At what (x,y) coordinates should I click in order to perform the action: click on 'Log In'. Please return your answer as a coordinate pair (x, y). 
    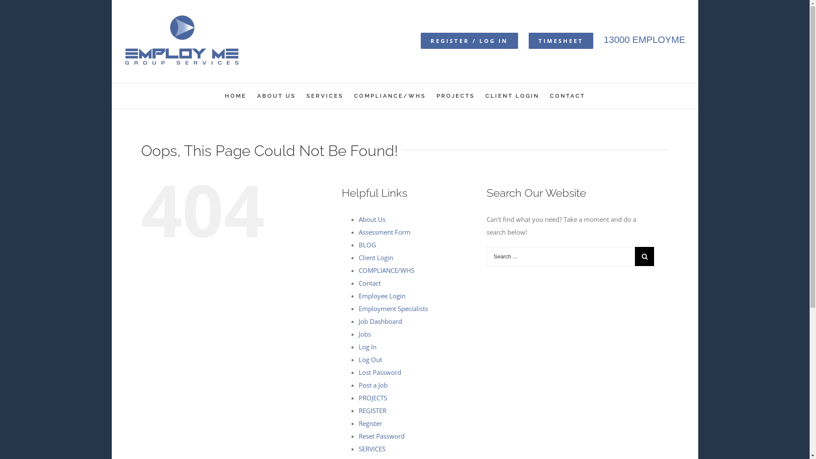
    Looking at the image, I should click on (367, 347).